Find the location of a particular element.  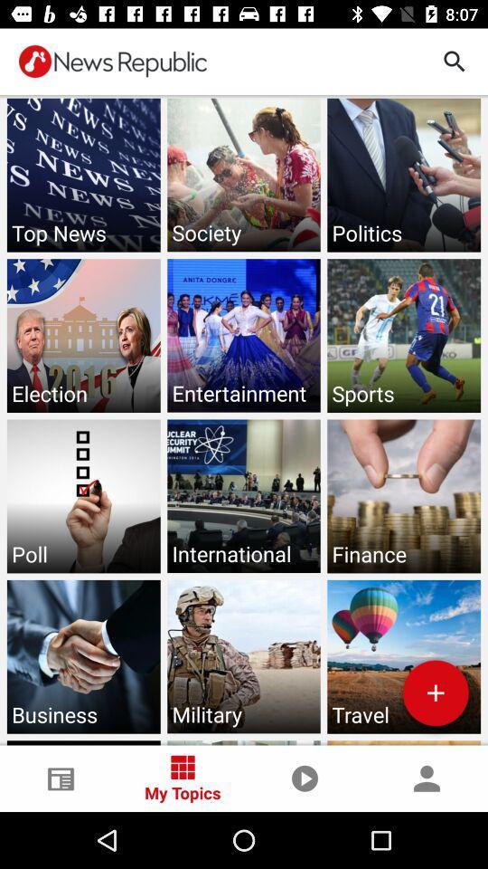

the person icon is located at coordinates (427, 778).